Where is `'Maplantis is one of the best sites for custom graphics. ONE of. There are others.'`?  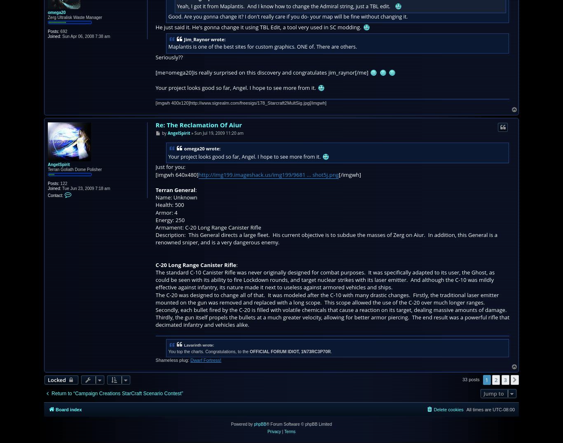
'Maplantis is one of the best sites for custom graphics. ONE of. There are others.' is located at coordinates (262, 46).